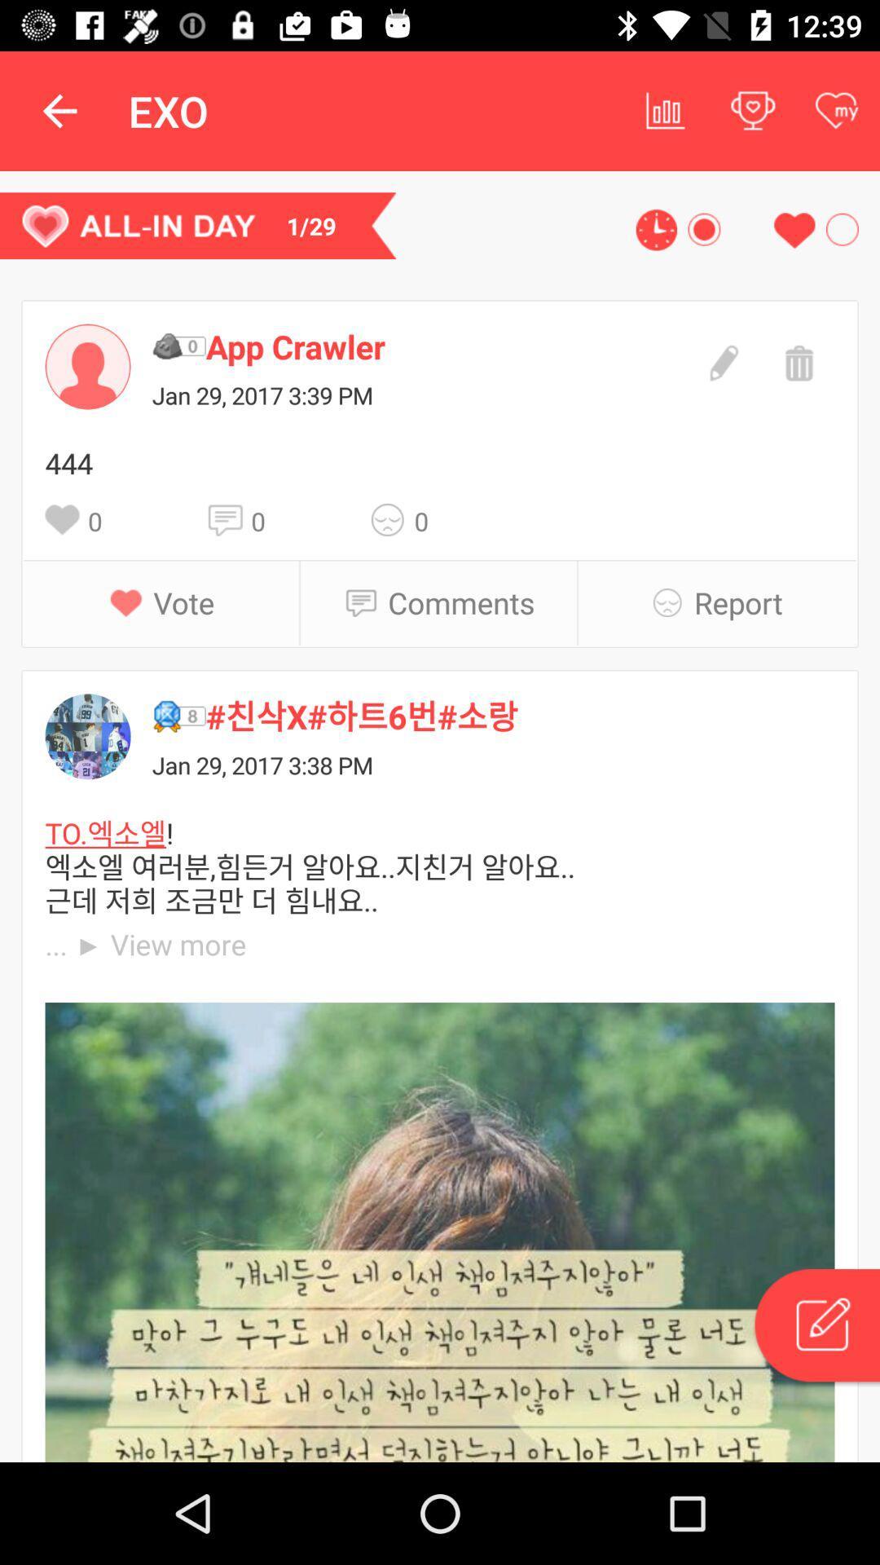  What do you see at coordinates (88, 366) in the screenshot?
I see `to the profile element` at bounding box center [88, 366].